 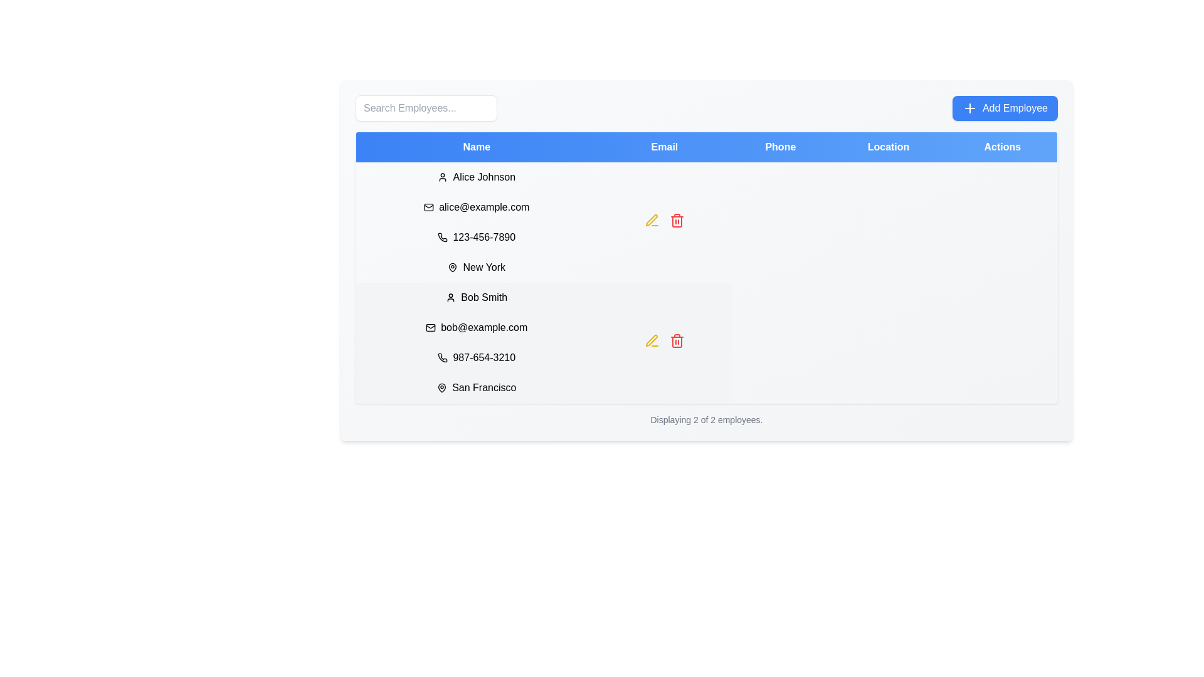 What do you see at coordinates (431, 327) in the screenshot?
I see `the email address associated with the email icon located next to 'bob@example.com'` at bounding box center [431, 327].